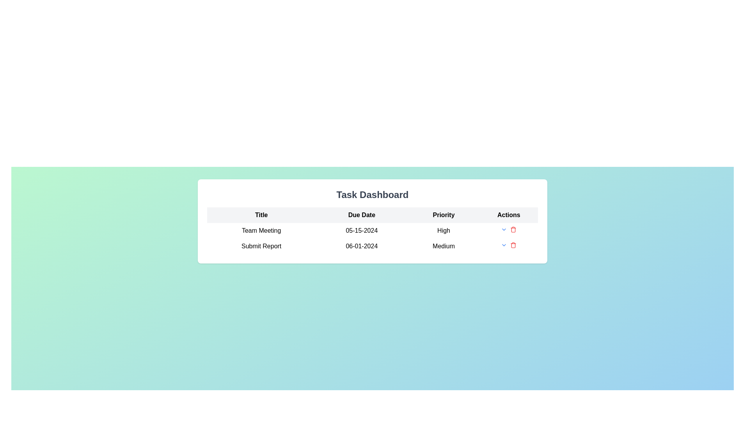 The image size is (749, 421). I want to click on the 'Priority' text label in the table header, which is styled with a bold font and centered alignment, located in the third column between 'Due Date' and 'Actions', so click(444, 215).